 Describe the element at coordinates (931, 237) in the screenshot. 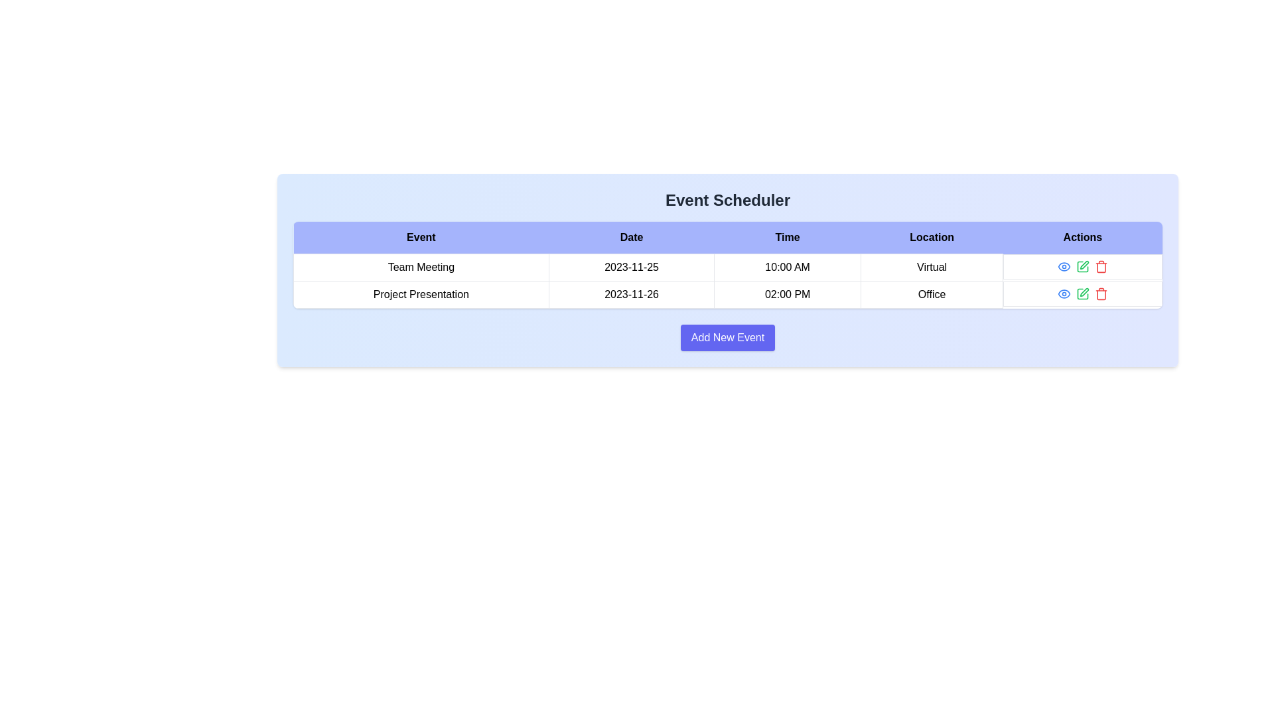

I see `the static text label displaying 'Location' in bold black font, which is centered within a light blue background and positioned between 'Time' and 'Actions' in the header row of a table-like structure` at that location.